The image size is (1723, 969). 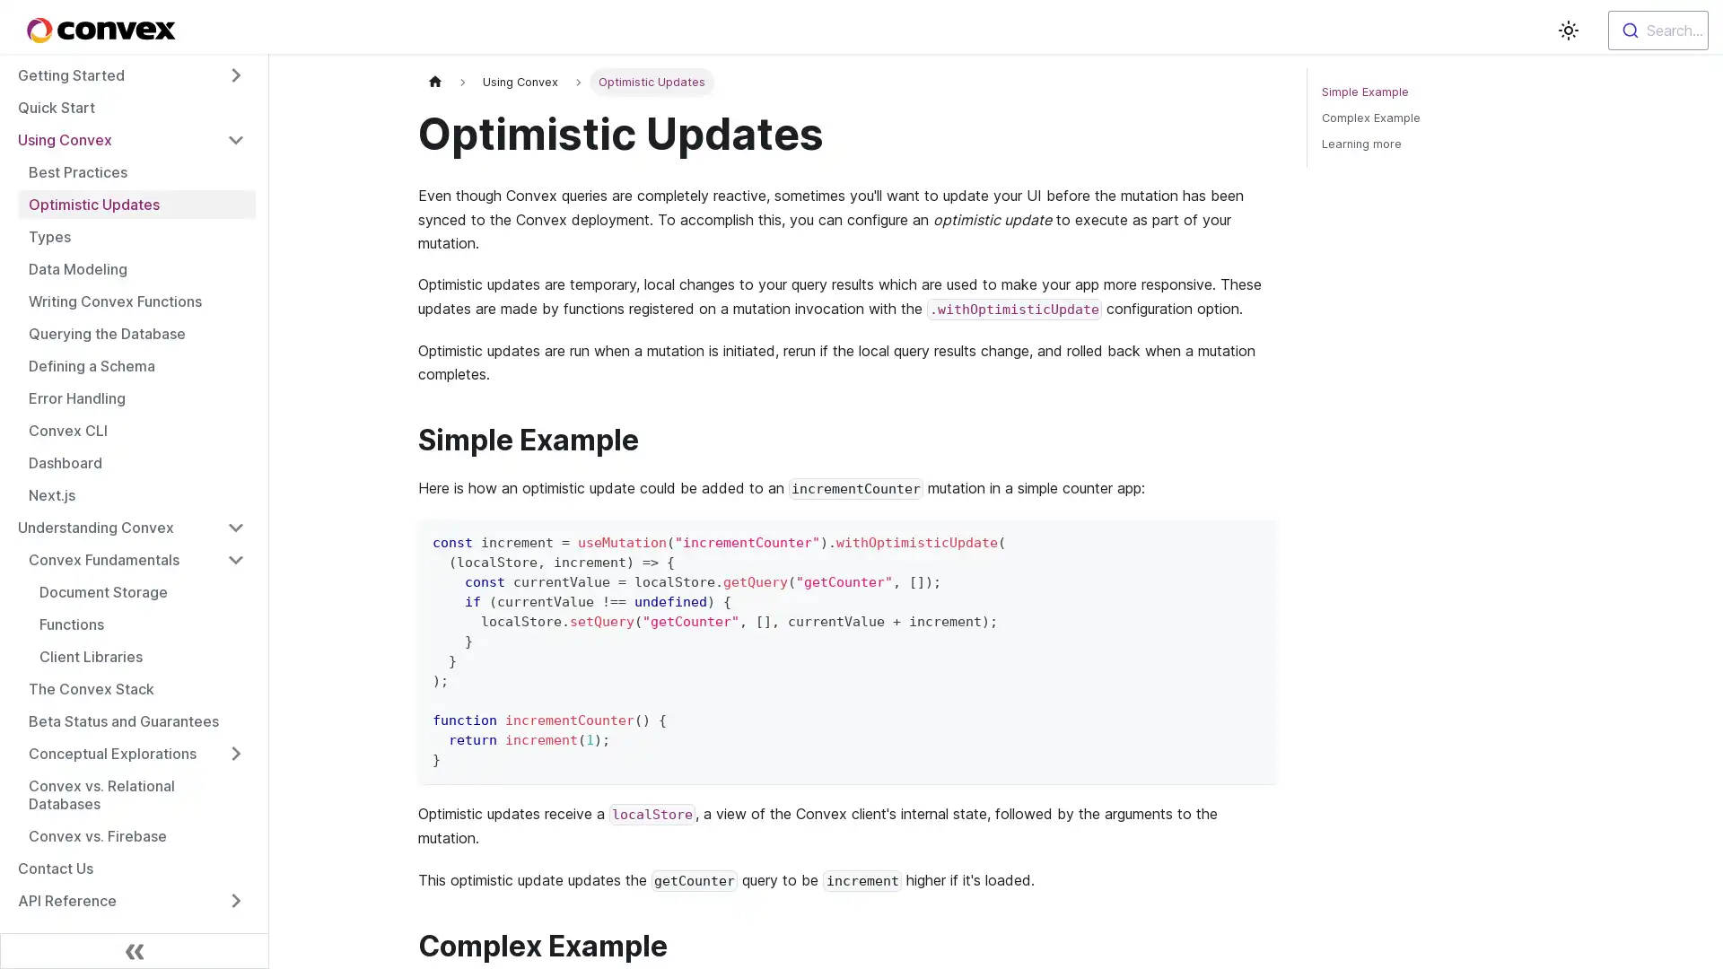 What do you see at coordinates (1657, 31) in the screenshot?
I see `Search...` at bounding box center [1657, 31].